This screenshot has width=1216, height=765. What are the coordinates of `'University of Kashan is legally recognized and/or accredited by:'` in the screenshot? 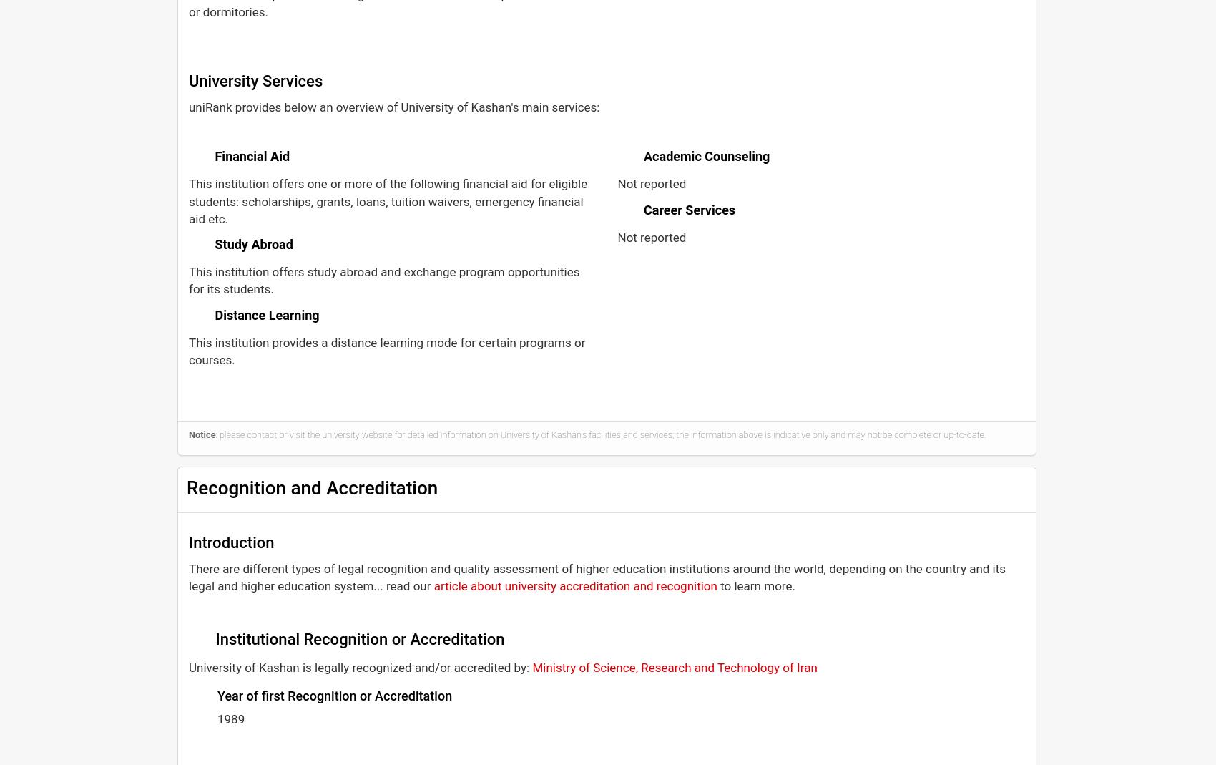 It's located at (189, 666).